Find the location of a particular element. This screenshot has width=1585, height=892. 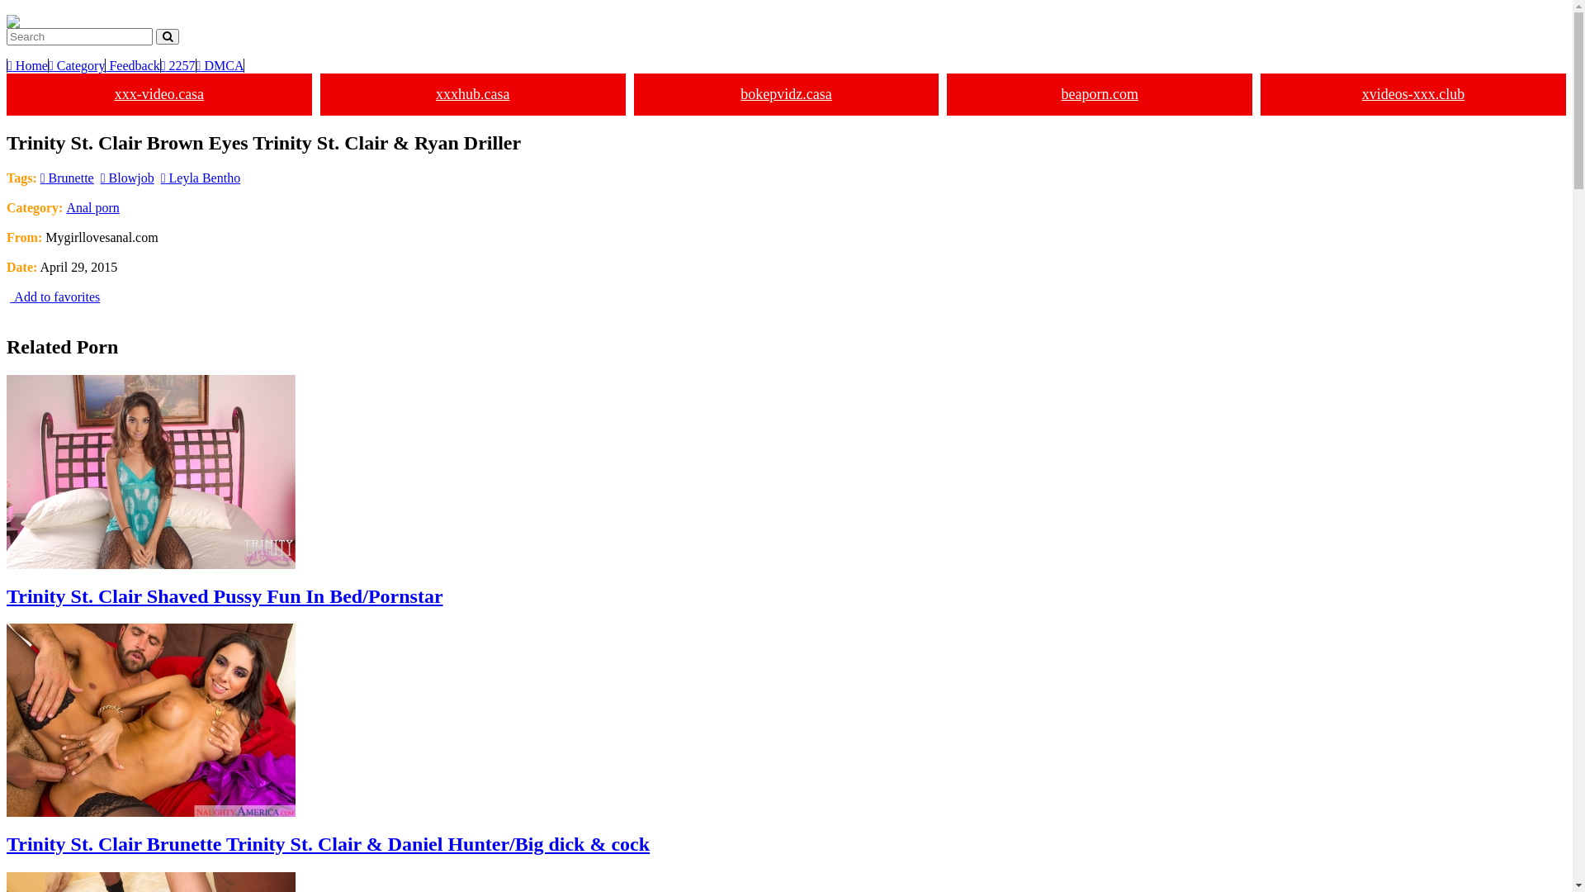

'Anal porn' is located at coordinates (91, 206).